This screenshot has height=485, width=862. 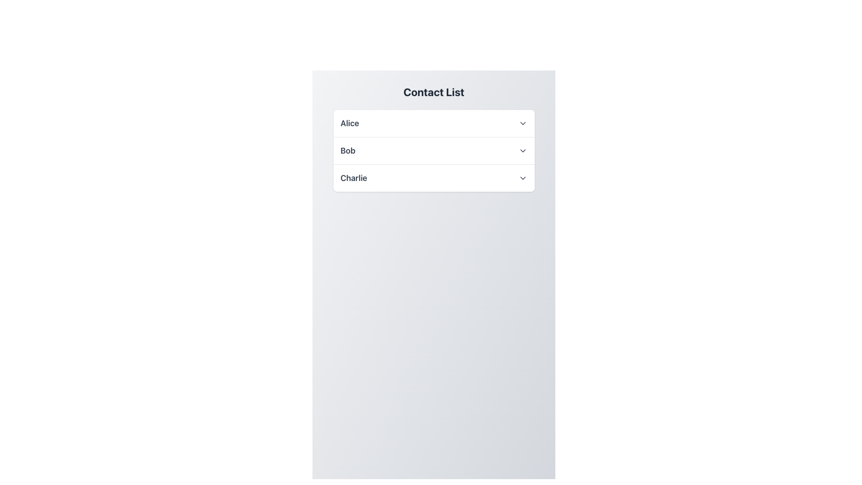 I want to click on the contact item representing 'Charlie' in the Contact List, so click(x=434, y=178).